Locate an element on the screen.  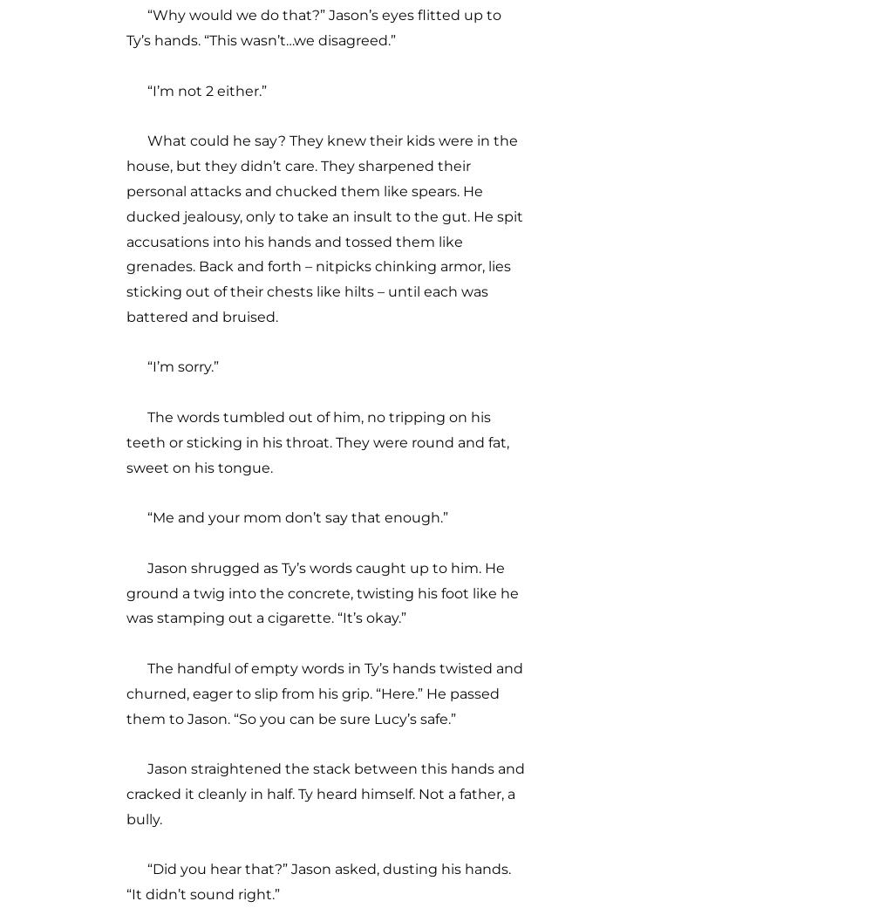
'What could he say? They knew their kids were in the house, but they didn’t care. They sharpened their personal attacks and chucked them like spears. He ducked jealousy, only to take an insult to the gut. He spit accusations into his hands and tossed them like grenades. Back and forth – nitpicks chinking armor, lies sticking out of their chests like hilts – until each was battered and bruised.' is located at coordinates (324, 228).